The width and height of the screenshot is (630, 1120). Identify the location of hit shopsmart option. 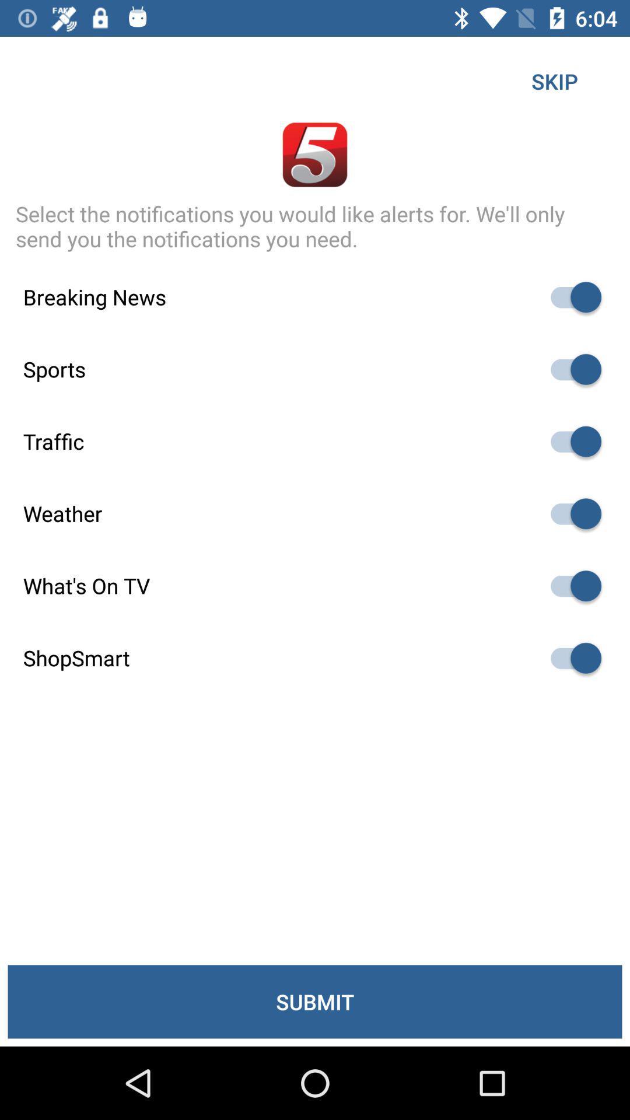
(570, 658).